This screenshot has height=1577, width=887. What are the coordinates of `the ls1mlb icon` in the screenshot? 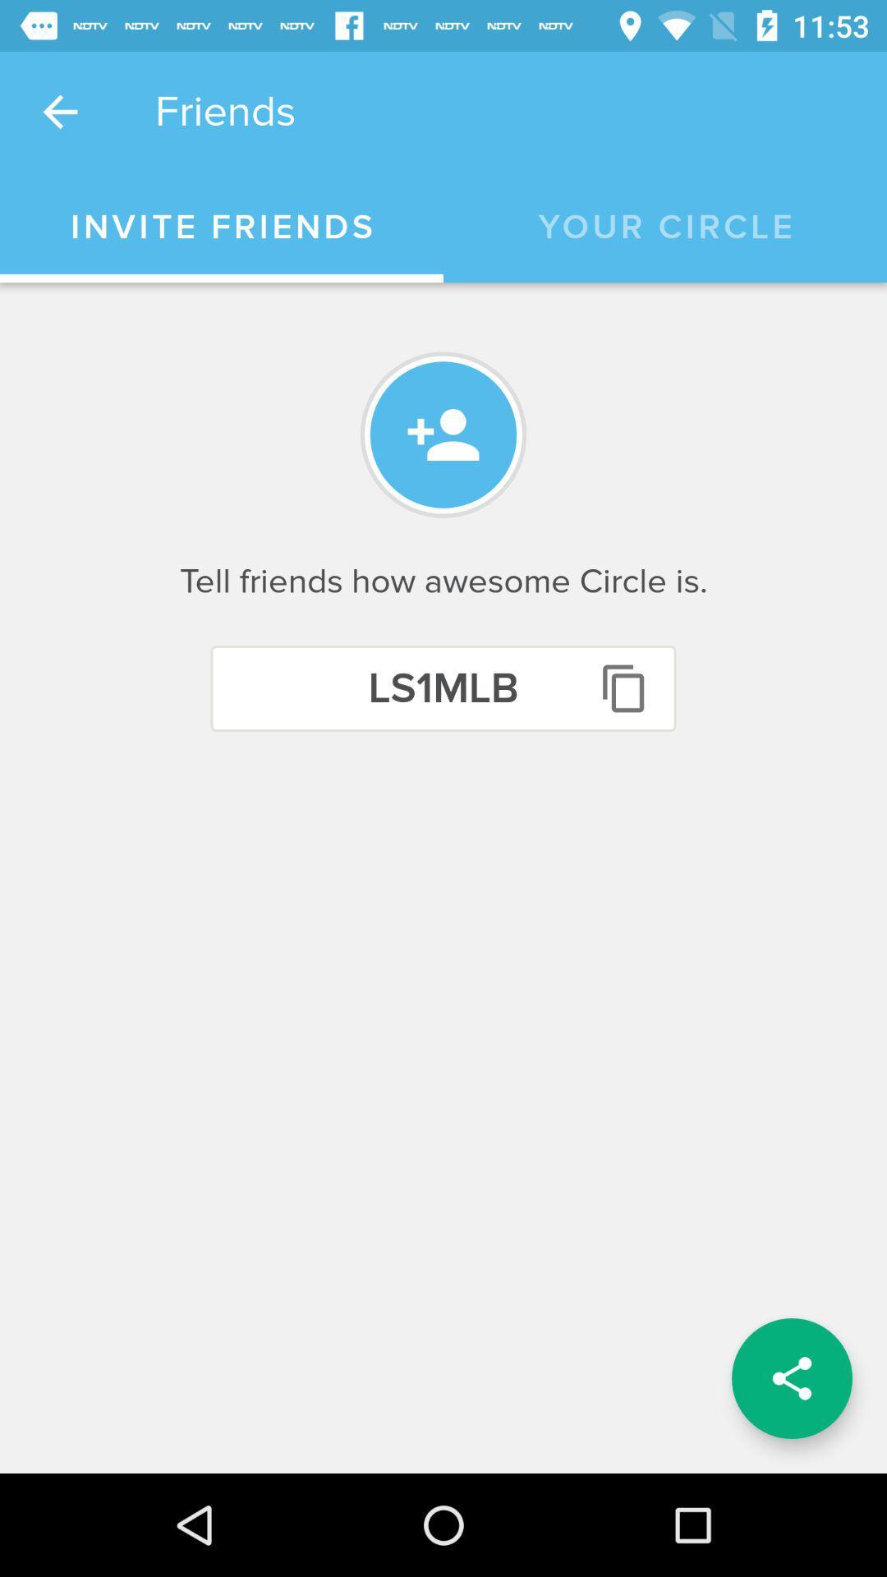 It's located at (443, 688).